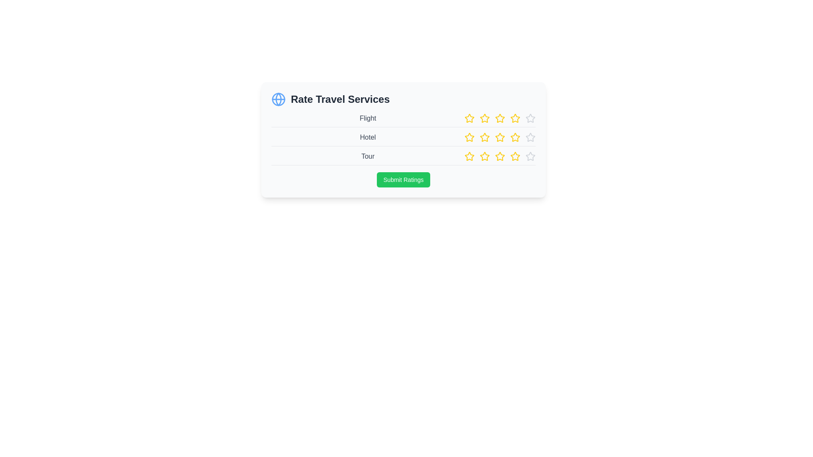 This screenshot has height=457, width=813. What do you see at coordinates (515, 156) in the screenshot?
I see `across the star icons` at bounding box center [515, 156].